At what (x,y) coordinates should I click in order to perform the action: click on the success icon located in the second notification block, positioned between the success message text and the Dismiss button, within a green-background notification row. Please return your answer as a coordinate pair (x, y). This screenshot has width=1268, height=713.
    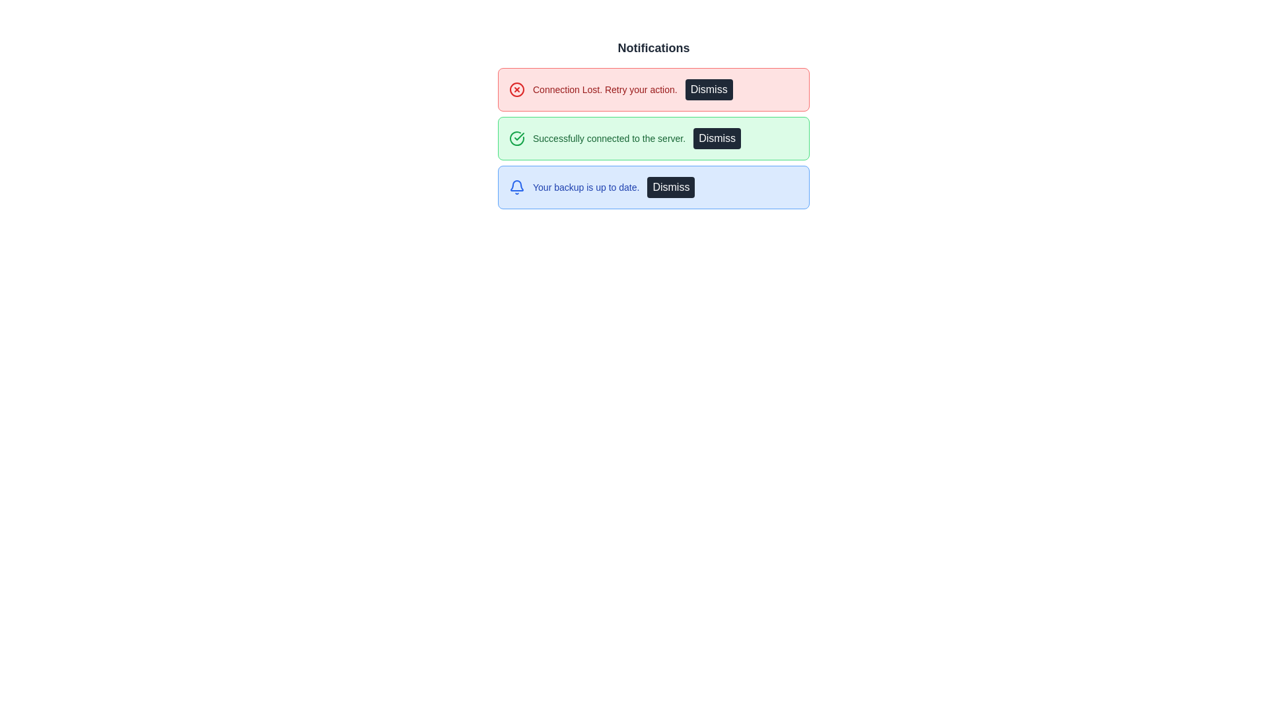
    Looking at the image, I should click on (518, 137).